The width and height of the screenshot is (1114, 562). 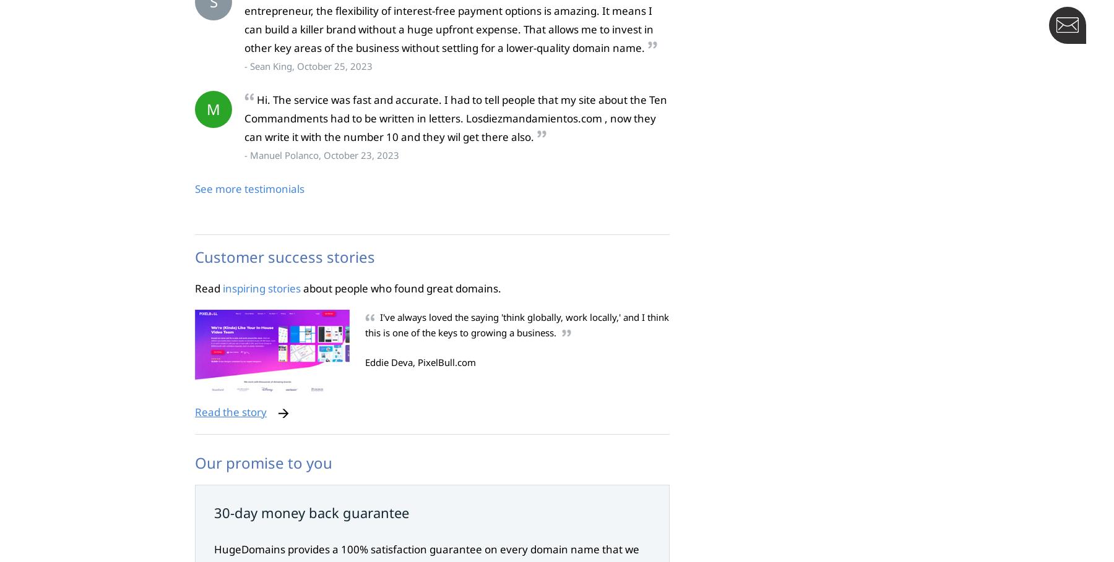 What do you see at coordinates (249, 188) in the screenshot?
I see `'See more testimonials'` at bounding box center [249, 188].